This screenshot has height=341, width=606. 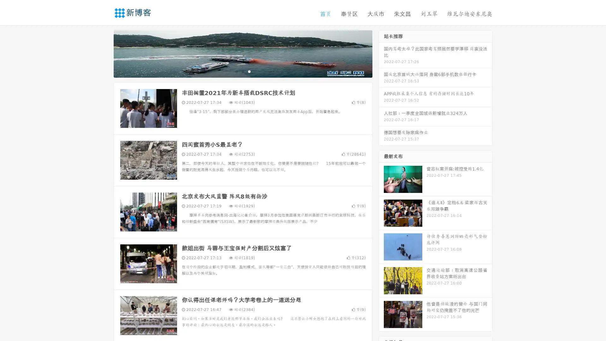 What do you see at coordinates (104, 53) in the screenshot?
I see `Previous slide` at bounding box center [104, 53].